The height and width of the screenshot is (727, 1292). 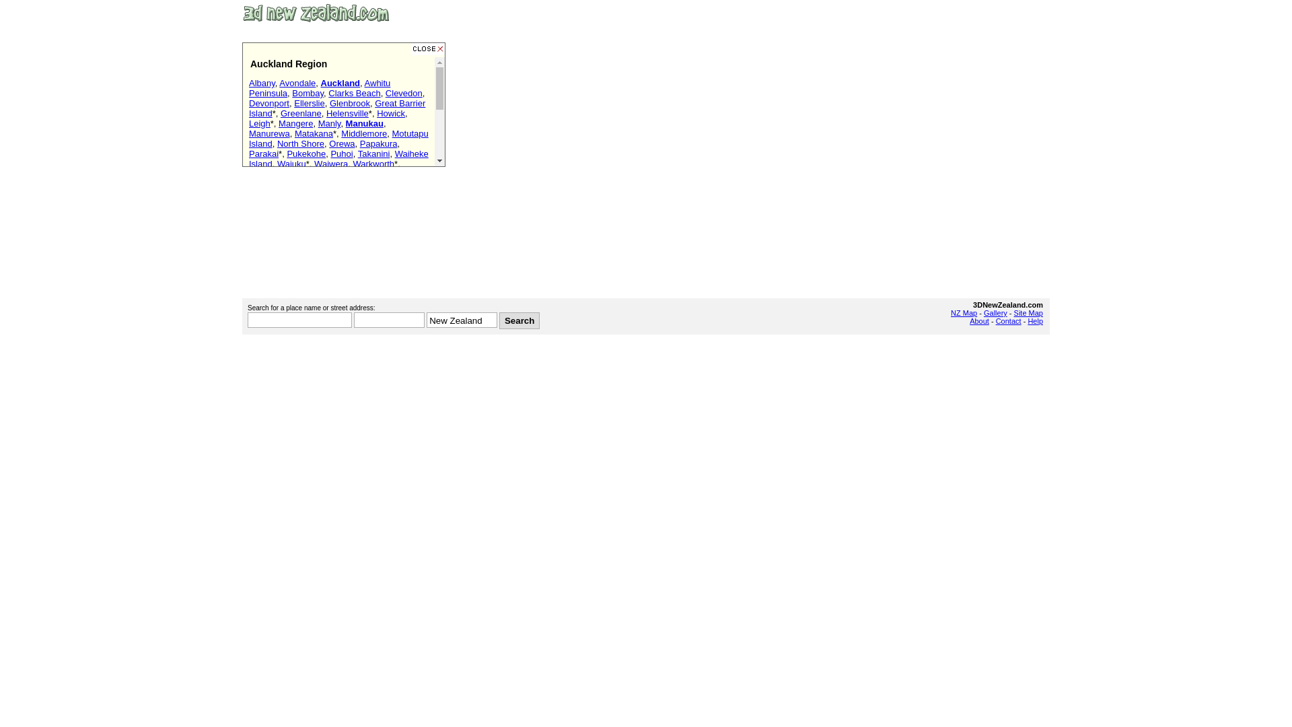 I want to click on 'Warkworth', so click(x=352, y=163).